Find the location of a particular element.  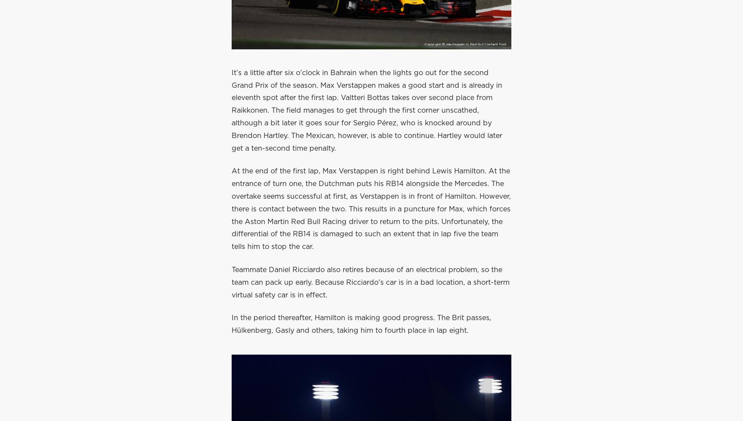

'Shop' is located at coordinates (382, 44).